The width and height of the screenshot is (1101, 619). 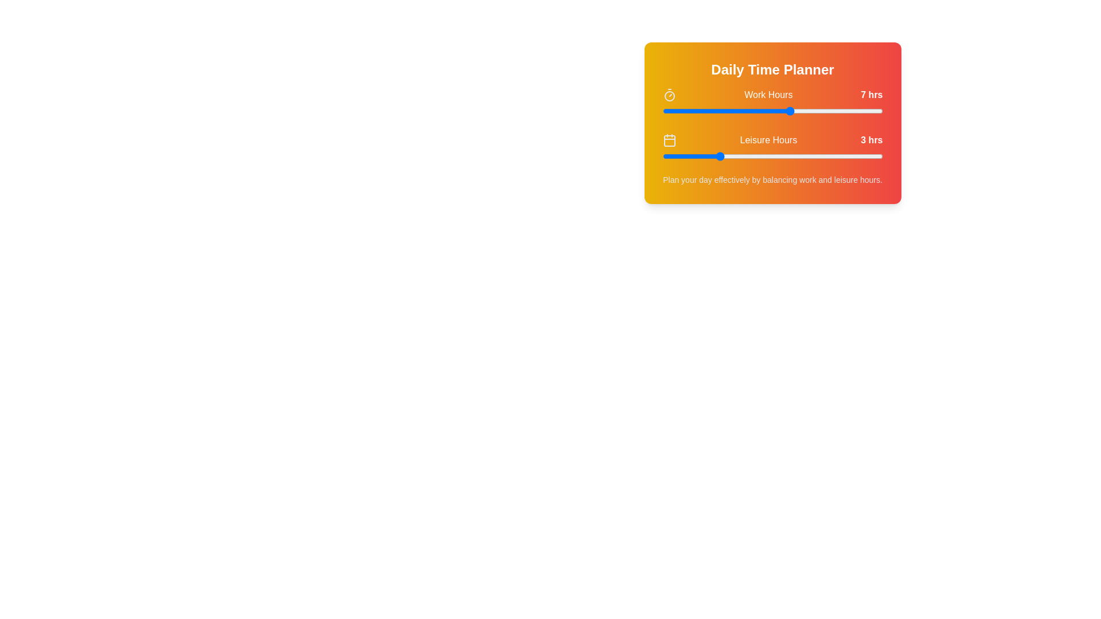 I want to click on work hours, so click(x=864, y=111).